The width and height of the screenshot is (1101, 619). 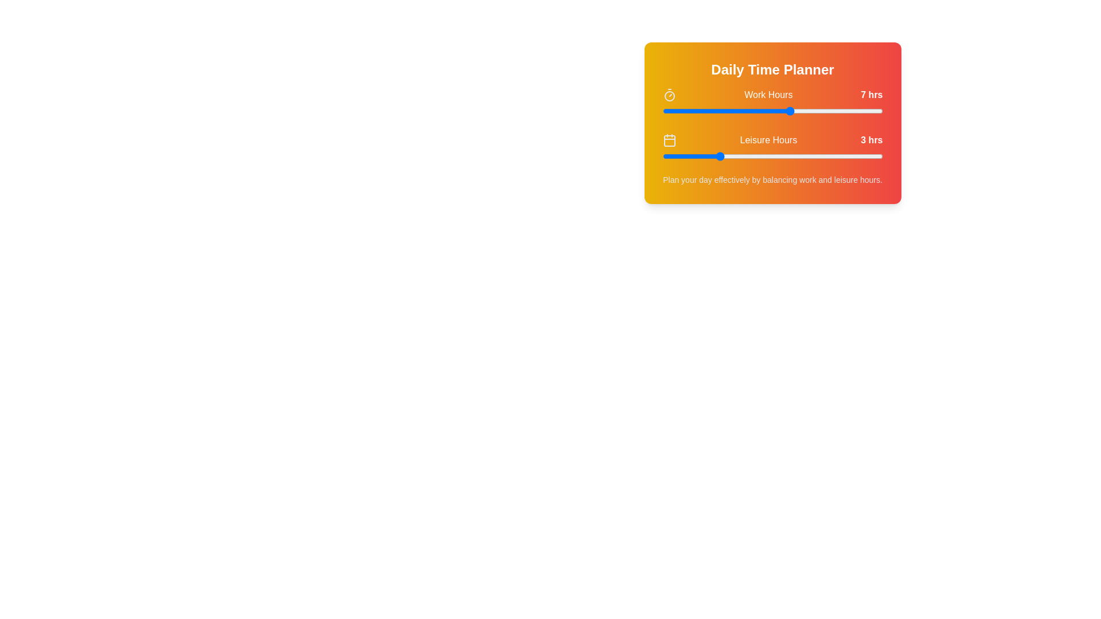 I want to click on work hours, so click(x=864, y=111).